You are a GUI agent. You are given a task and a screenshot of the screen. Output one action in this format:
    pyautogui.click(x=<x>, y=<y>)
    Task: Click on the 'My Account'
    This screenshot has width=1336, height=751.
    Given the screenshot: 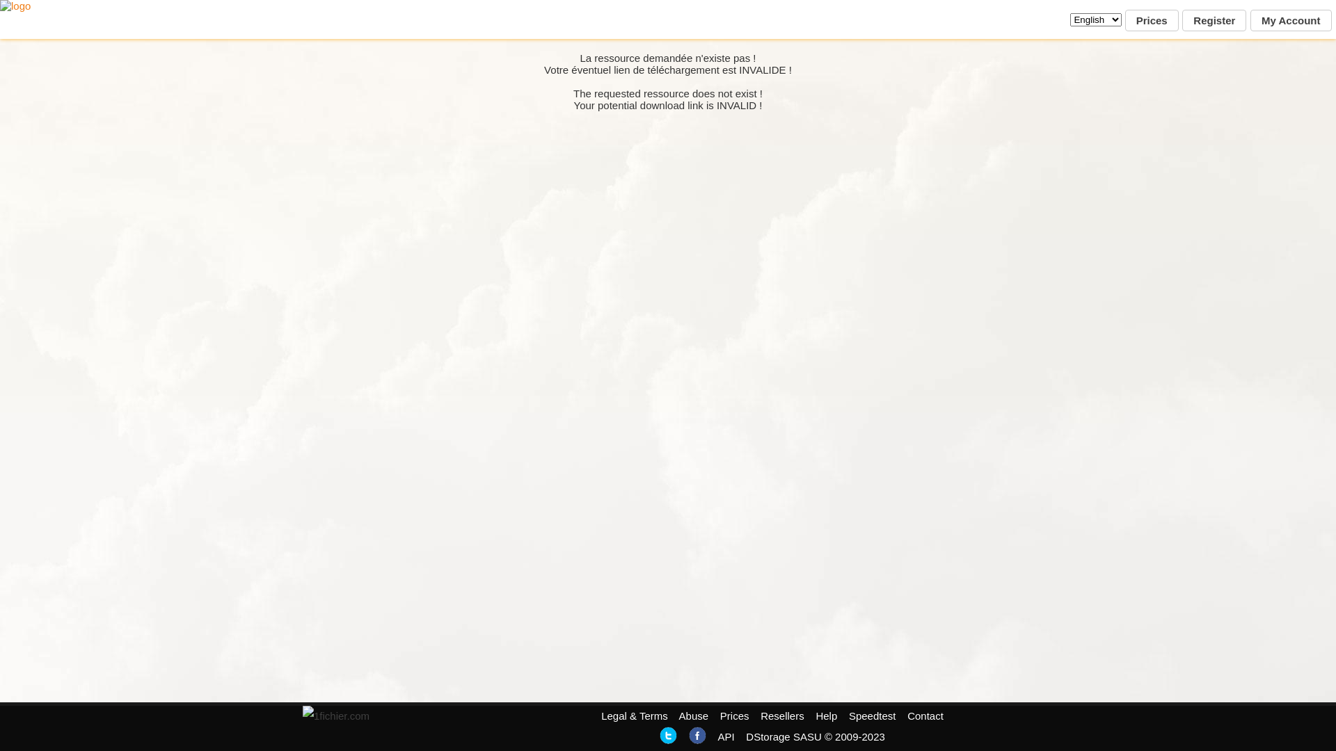 What is the action you would take?
    pyautogui.click(x=1289, y=20)
    